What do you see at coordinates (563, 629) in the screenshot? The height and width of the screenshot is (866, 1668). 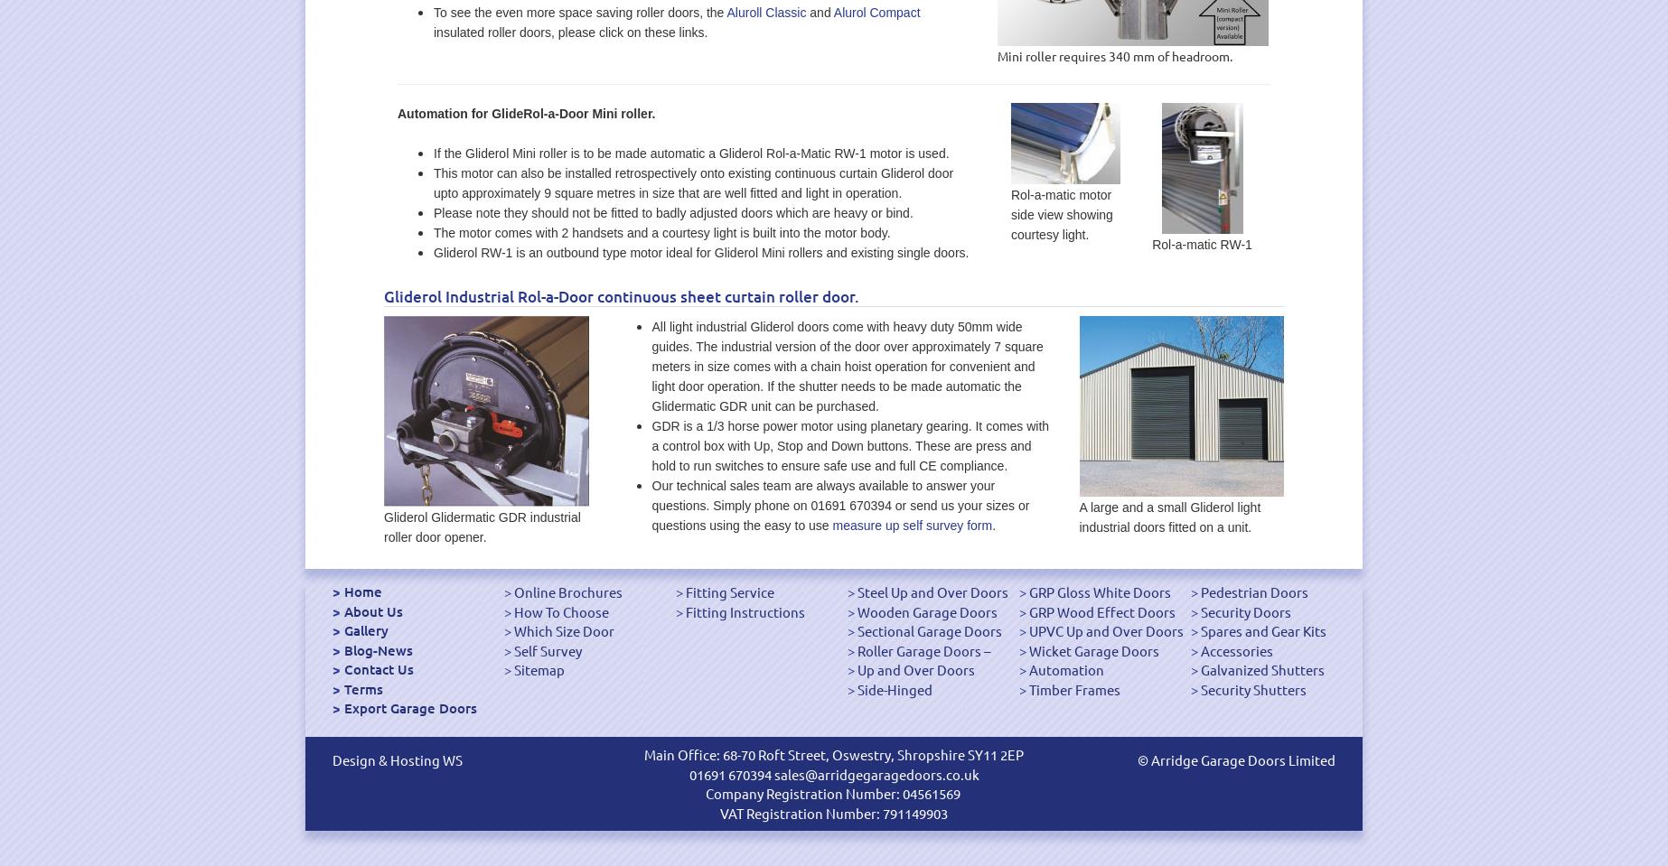 I see `'Which Size Door'` at bounding box center [563, 629].